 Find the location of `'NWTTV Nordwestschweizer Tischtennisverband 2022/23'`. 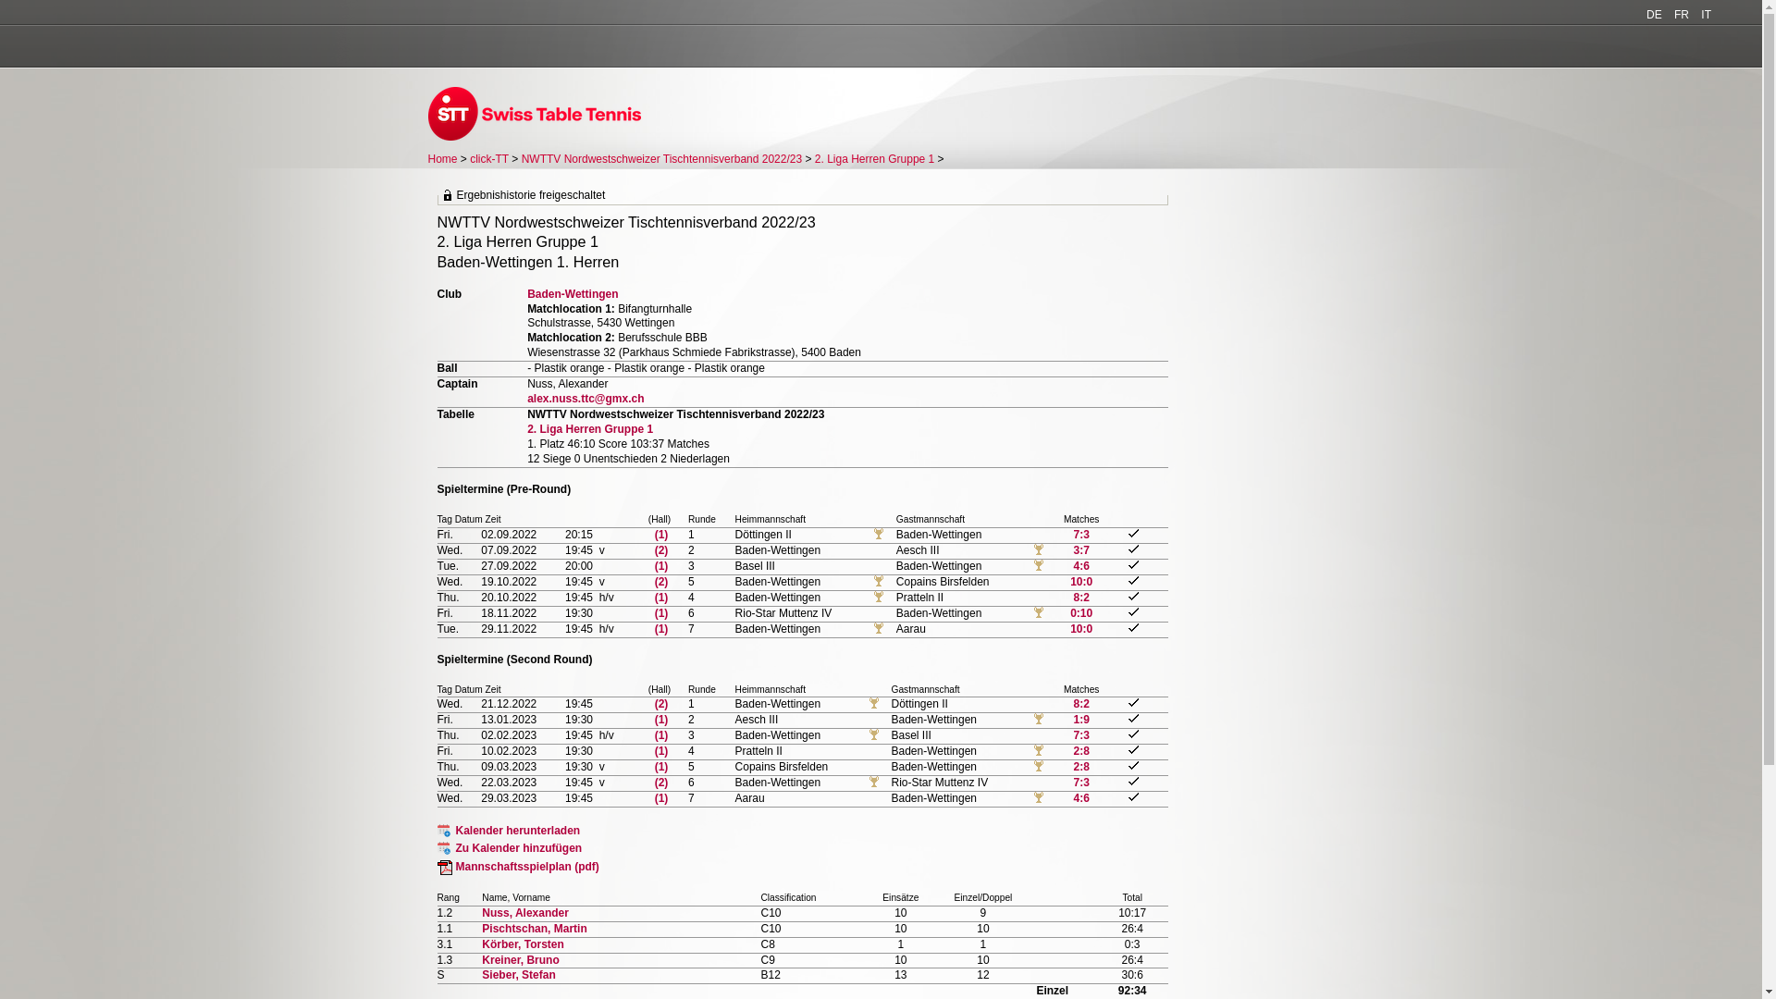

'NWTTV Nordwestschweizer Tischtennisverband 2022/23' is located at coordinates (661, 158).